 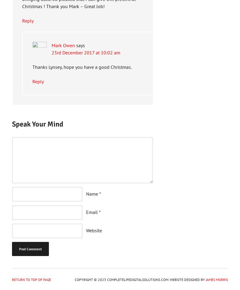 I want to click on '23rd December 2017 at 10:02 am', so click(x=86, y=52).